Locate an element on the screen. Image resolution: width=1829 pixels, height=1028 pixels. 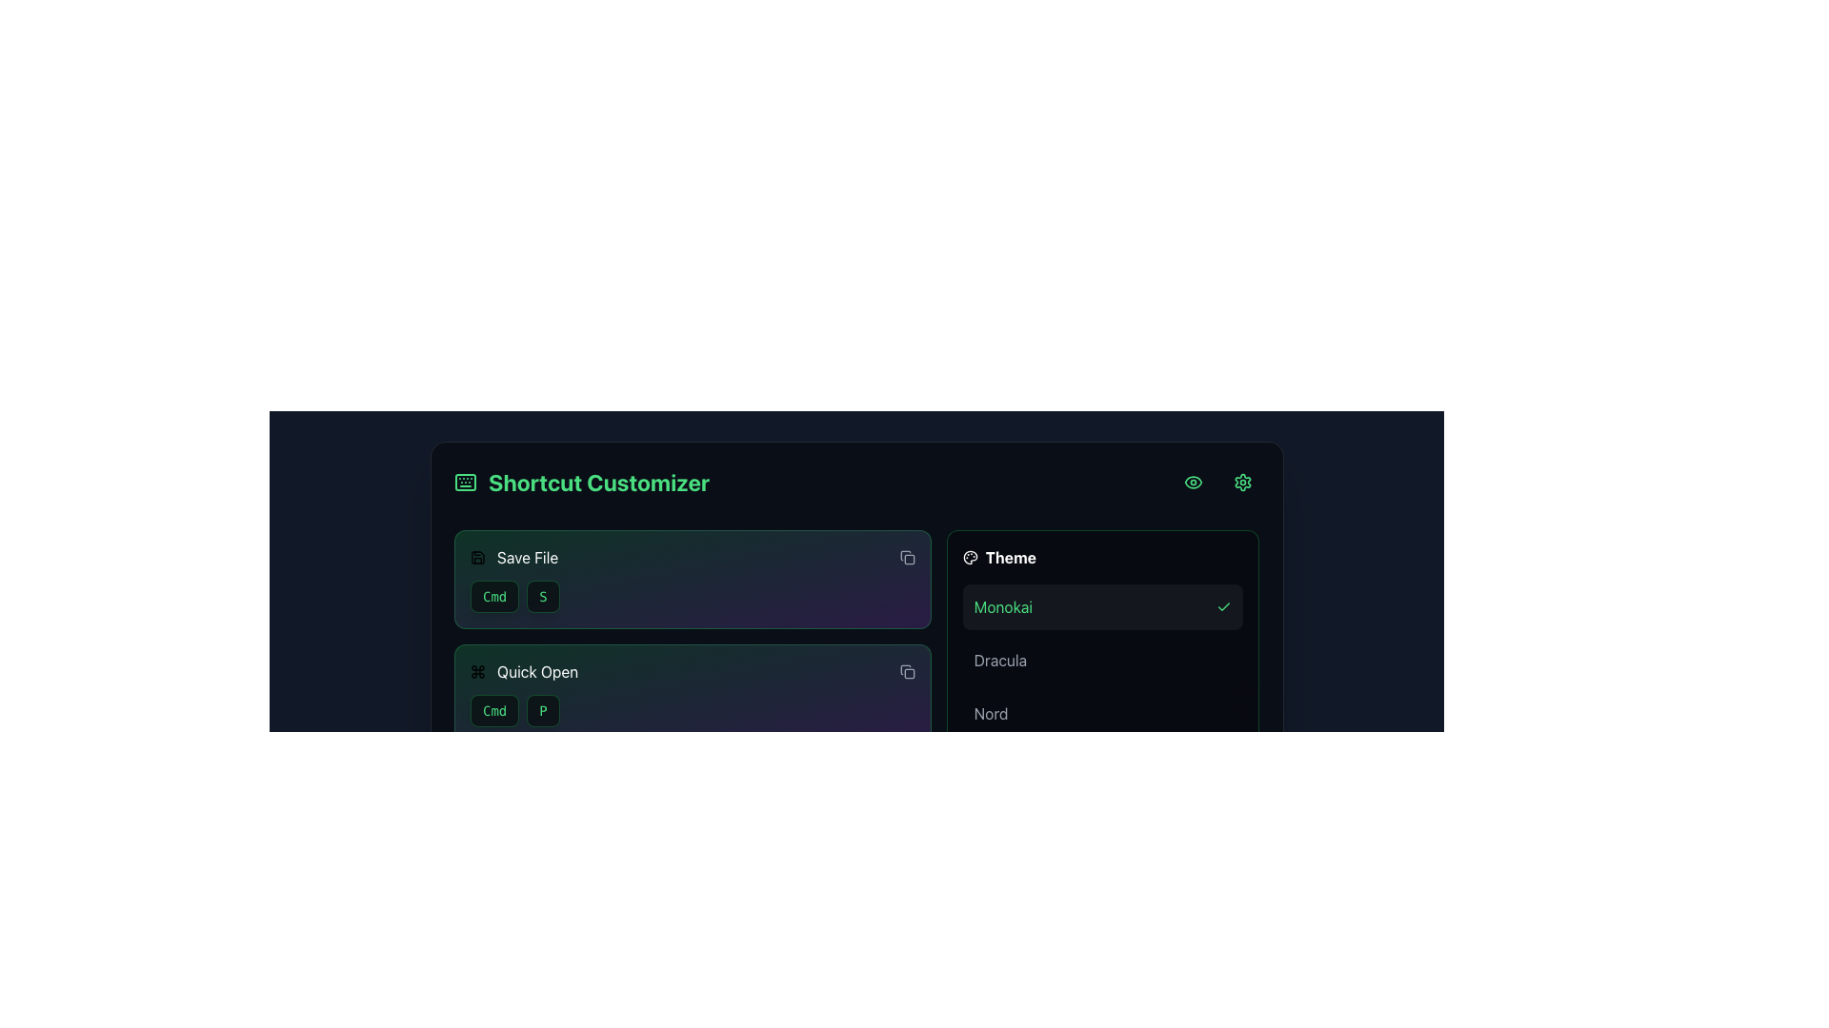
the small gray icon resembling overlapping rectangles located in the toolbar of the 'Quick Open' section is located at coordinates (906, 670).